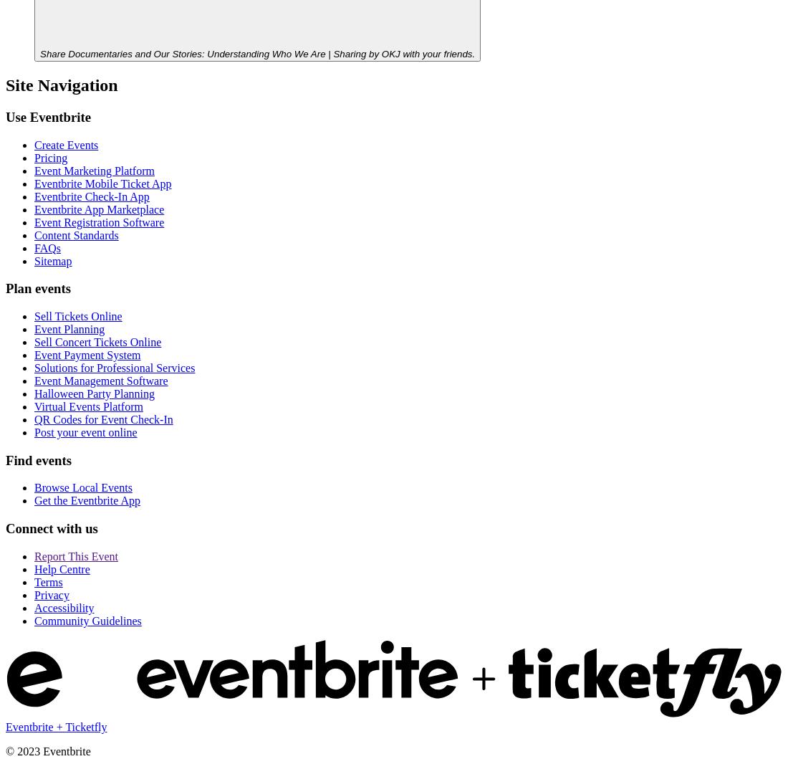  Describe the element at coordinates (5, 726) in the screenshot. I see `'Eventbrite + Ticketfly'` at that location.